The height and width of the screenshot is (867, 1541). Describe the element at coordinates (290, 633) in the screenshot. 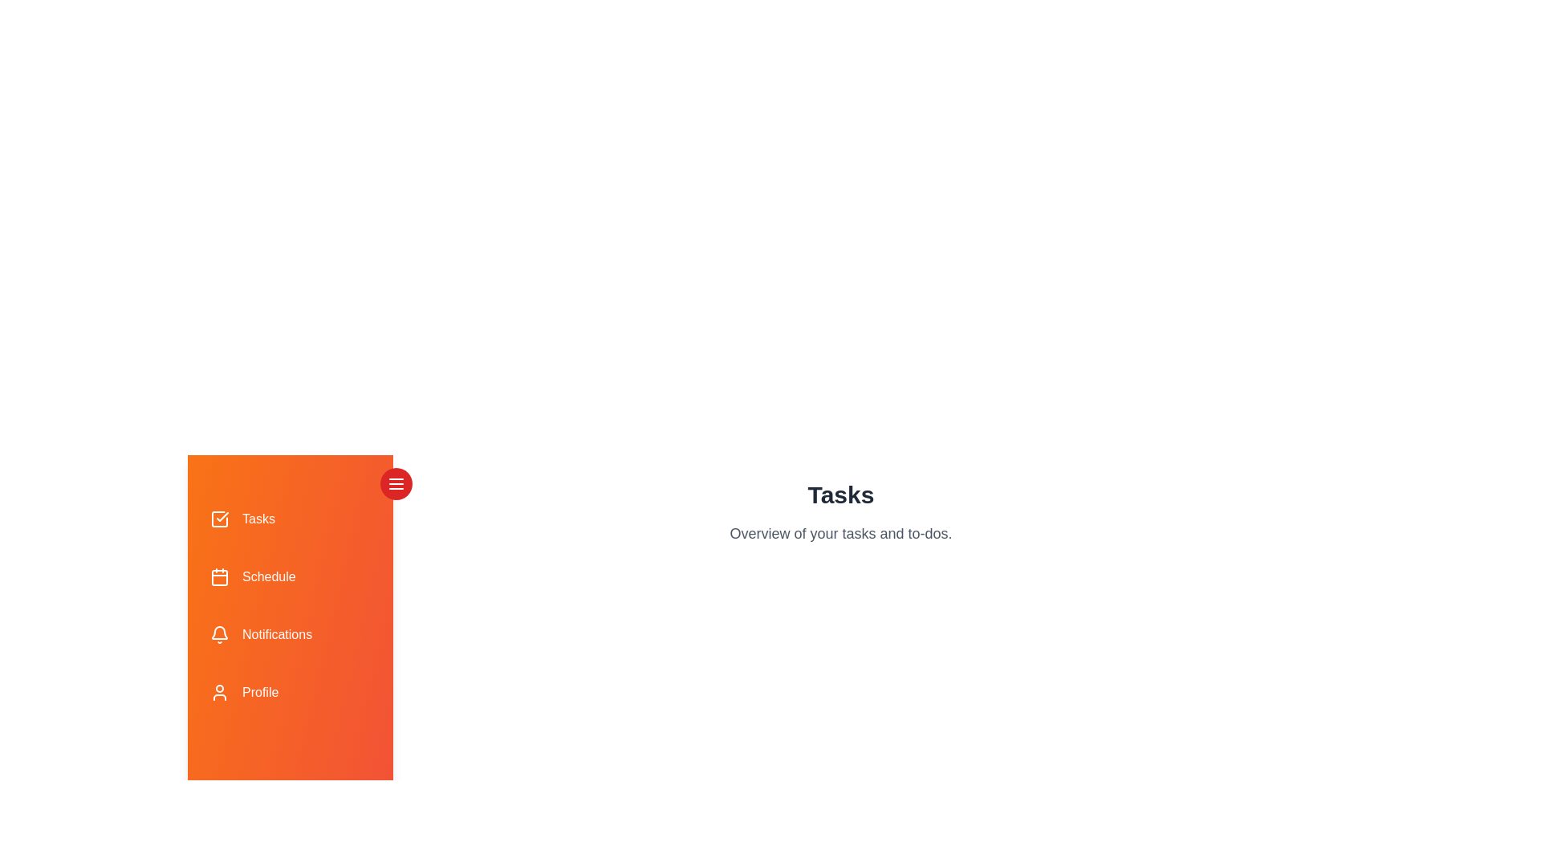

I see `the tab labeled Notifications to switch to it` at that location.